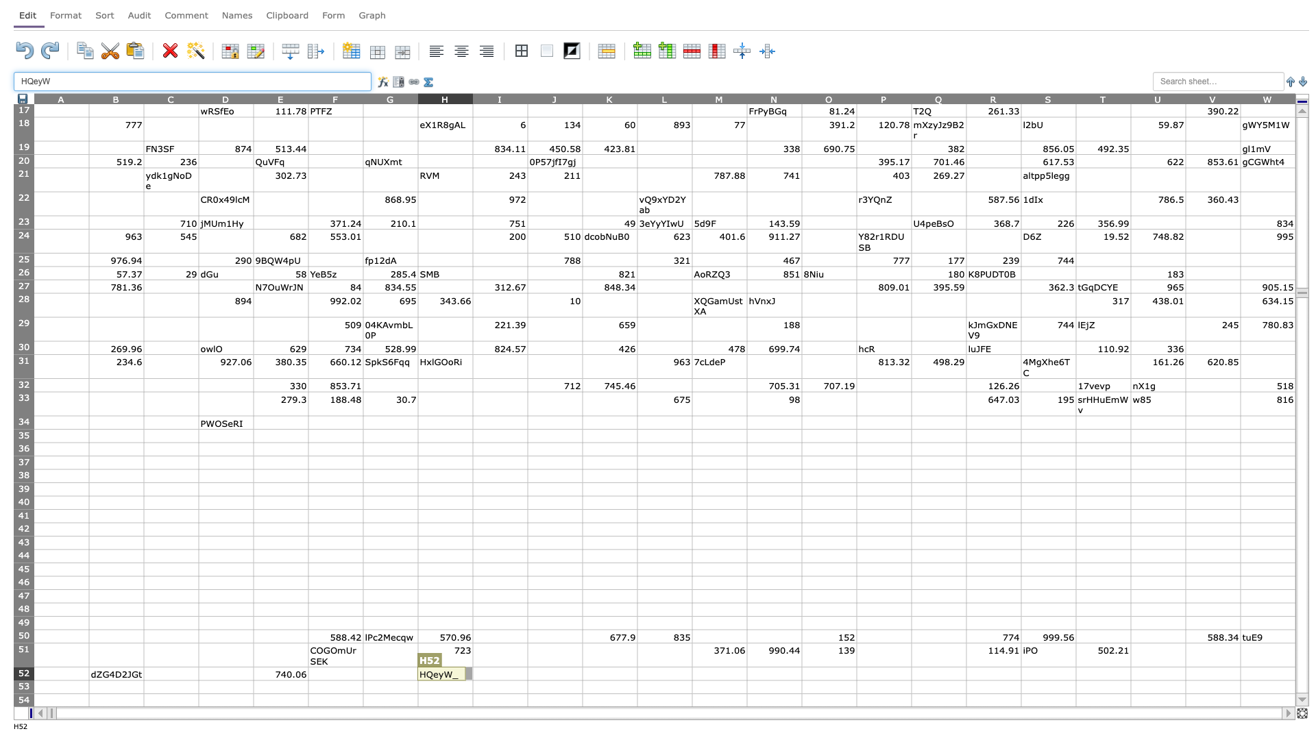 The image size is (1316, 740). I want to click on Upper left corner of cell I52, so click(473, 666).